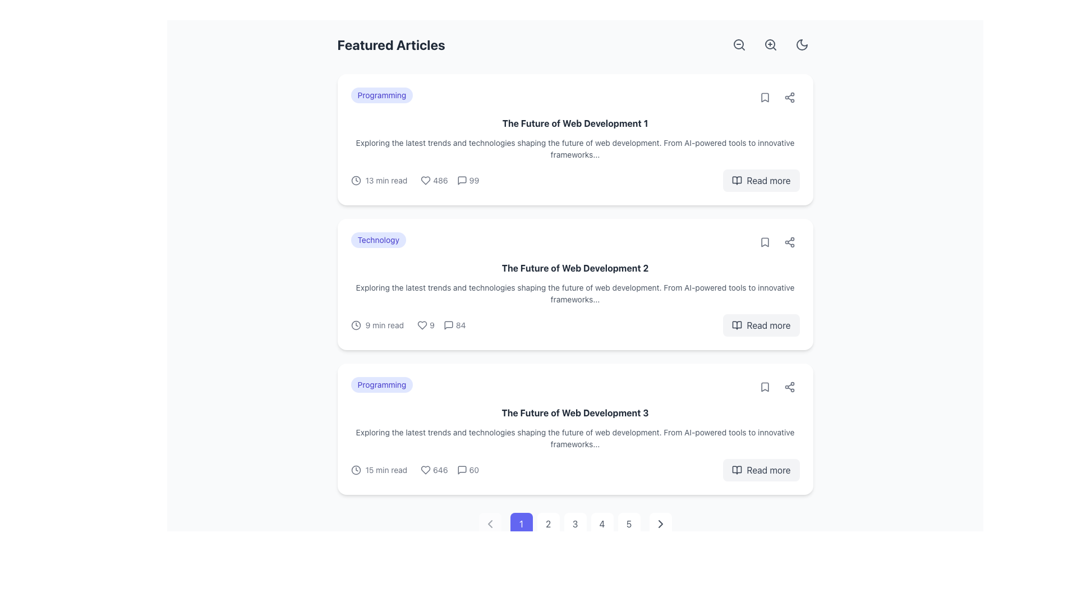  Describe the element at coordinates (425, 180) in the screenshot. I see `the heart-shaped icon outlined in gray to like or unlike the item next to the text '486'` at that location.